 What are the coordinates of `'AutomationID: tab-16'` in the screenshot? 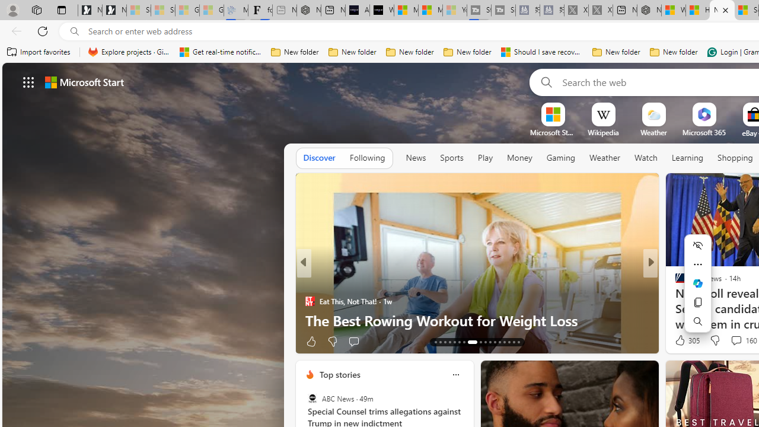 It's located at (449, 342).